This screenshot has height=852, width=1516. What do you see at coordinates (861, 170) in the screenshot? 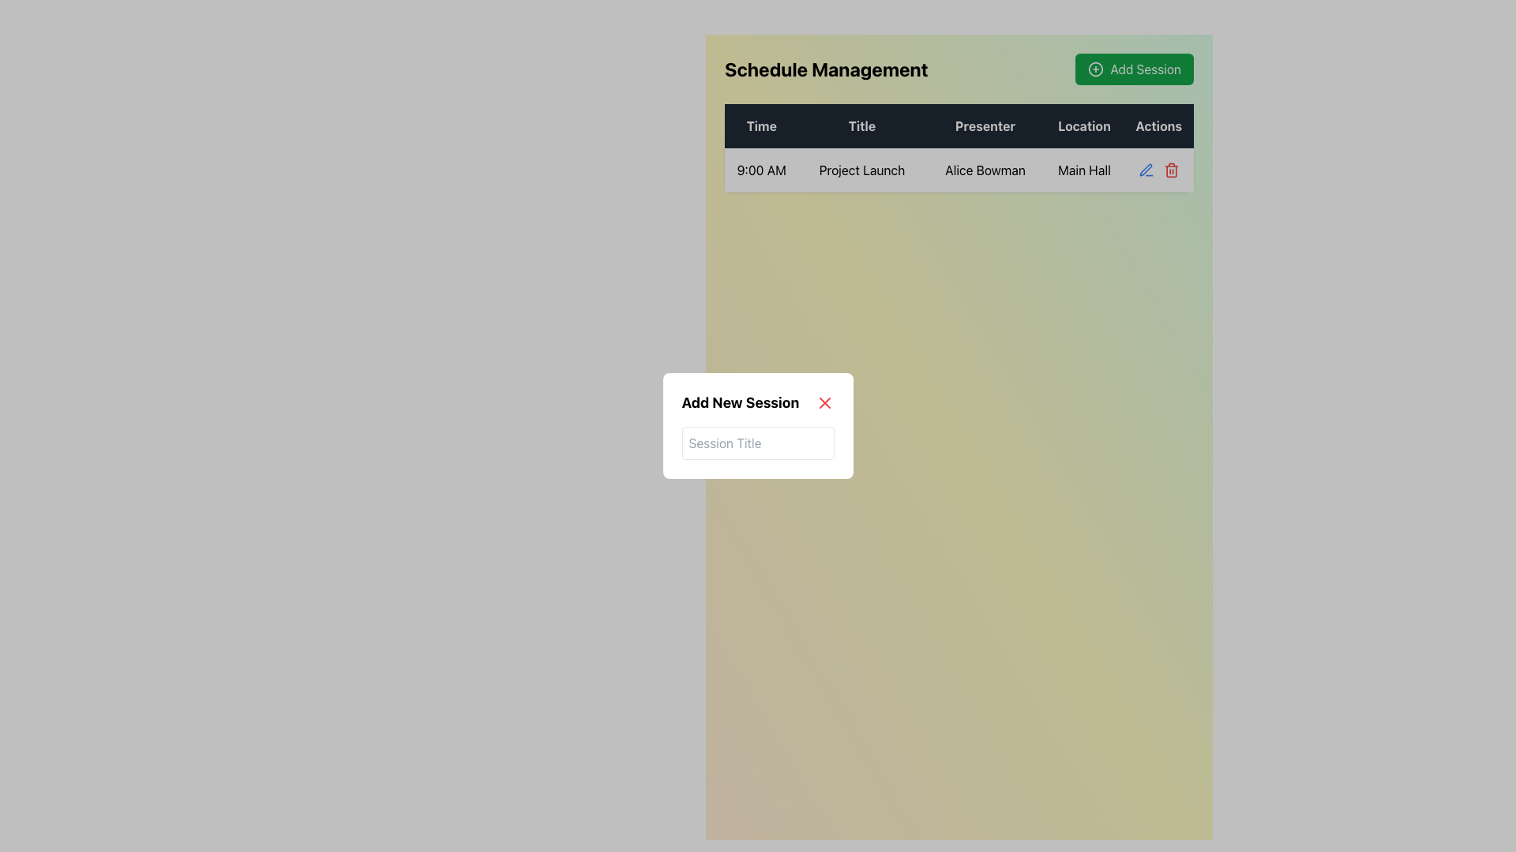
I see `the static text label that identifies the title of a session or event in the schedule table, located in the second column under the header 'Title'` at bounding box center [861, 170].